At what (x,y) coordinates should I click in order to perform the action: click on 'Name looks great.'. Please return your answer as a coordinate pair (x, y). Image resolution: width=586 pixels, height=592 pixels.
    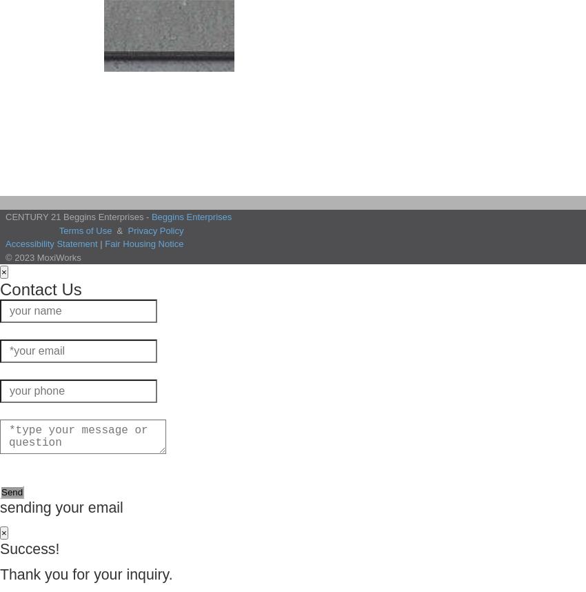
    Looking at the image, I should click on (41, 328).